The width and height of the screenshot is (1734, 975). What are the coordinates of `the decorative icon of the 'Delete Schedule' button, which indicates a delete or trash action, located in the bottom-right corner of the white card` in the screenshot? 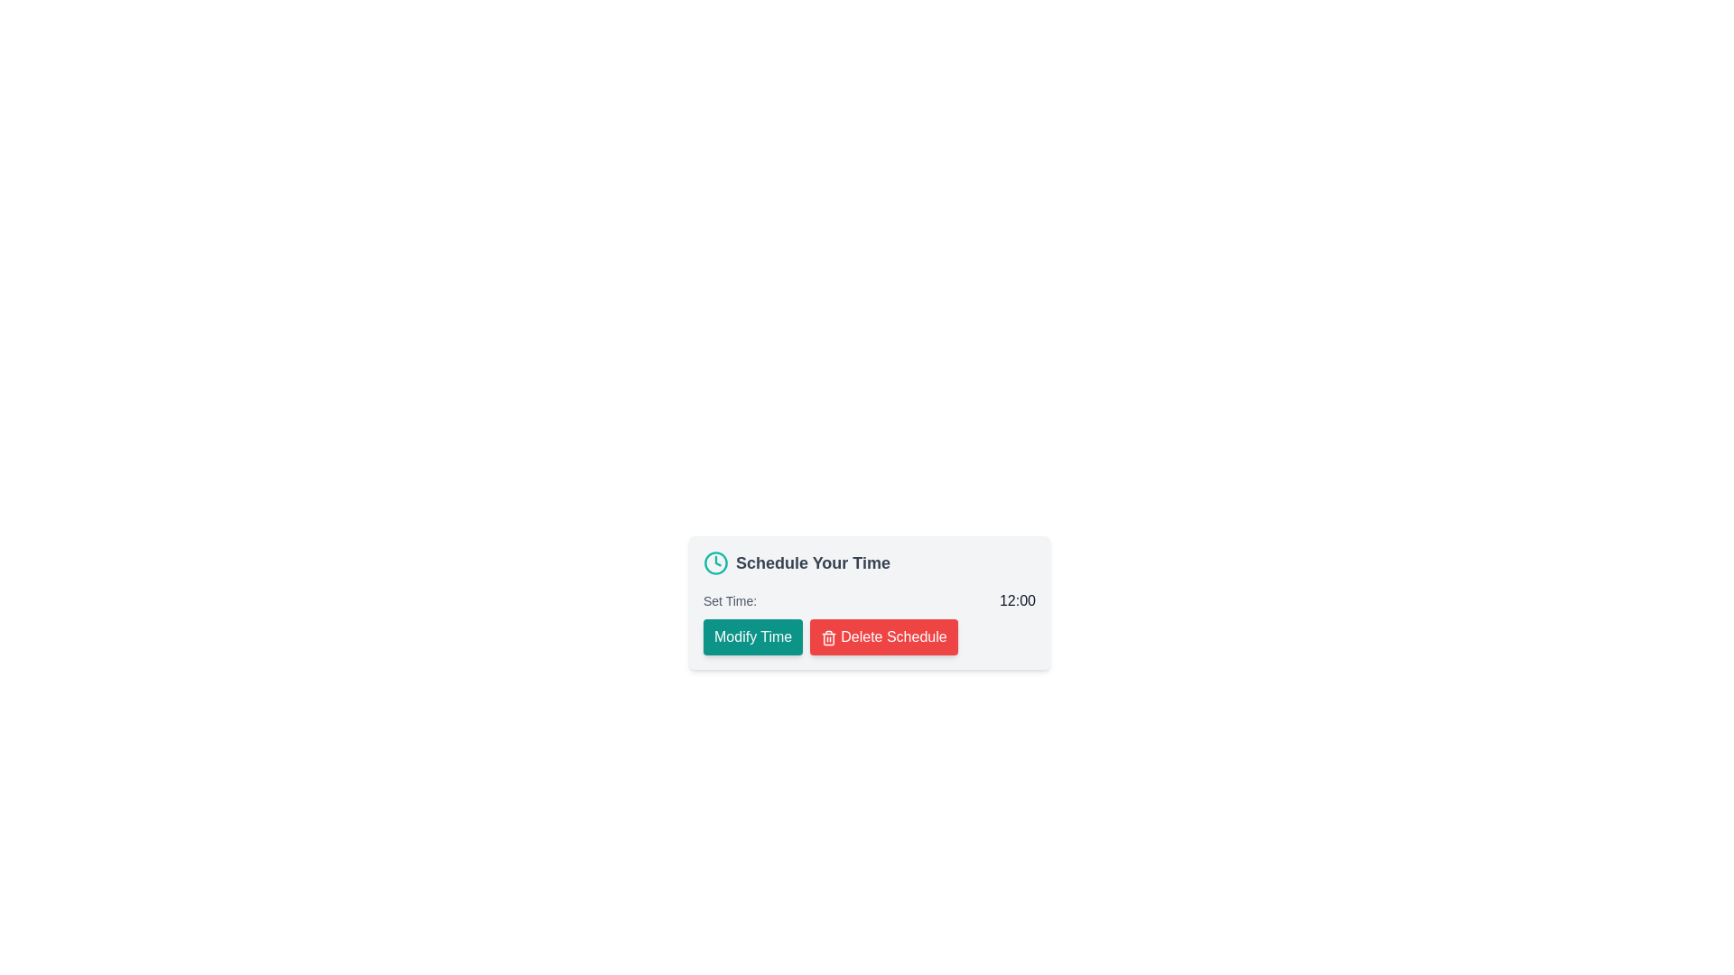 It's located at (828, 638).